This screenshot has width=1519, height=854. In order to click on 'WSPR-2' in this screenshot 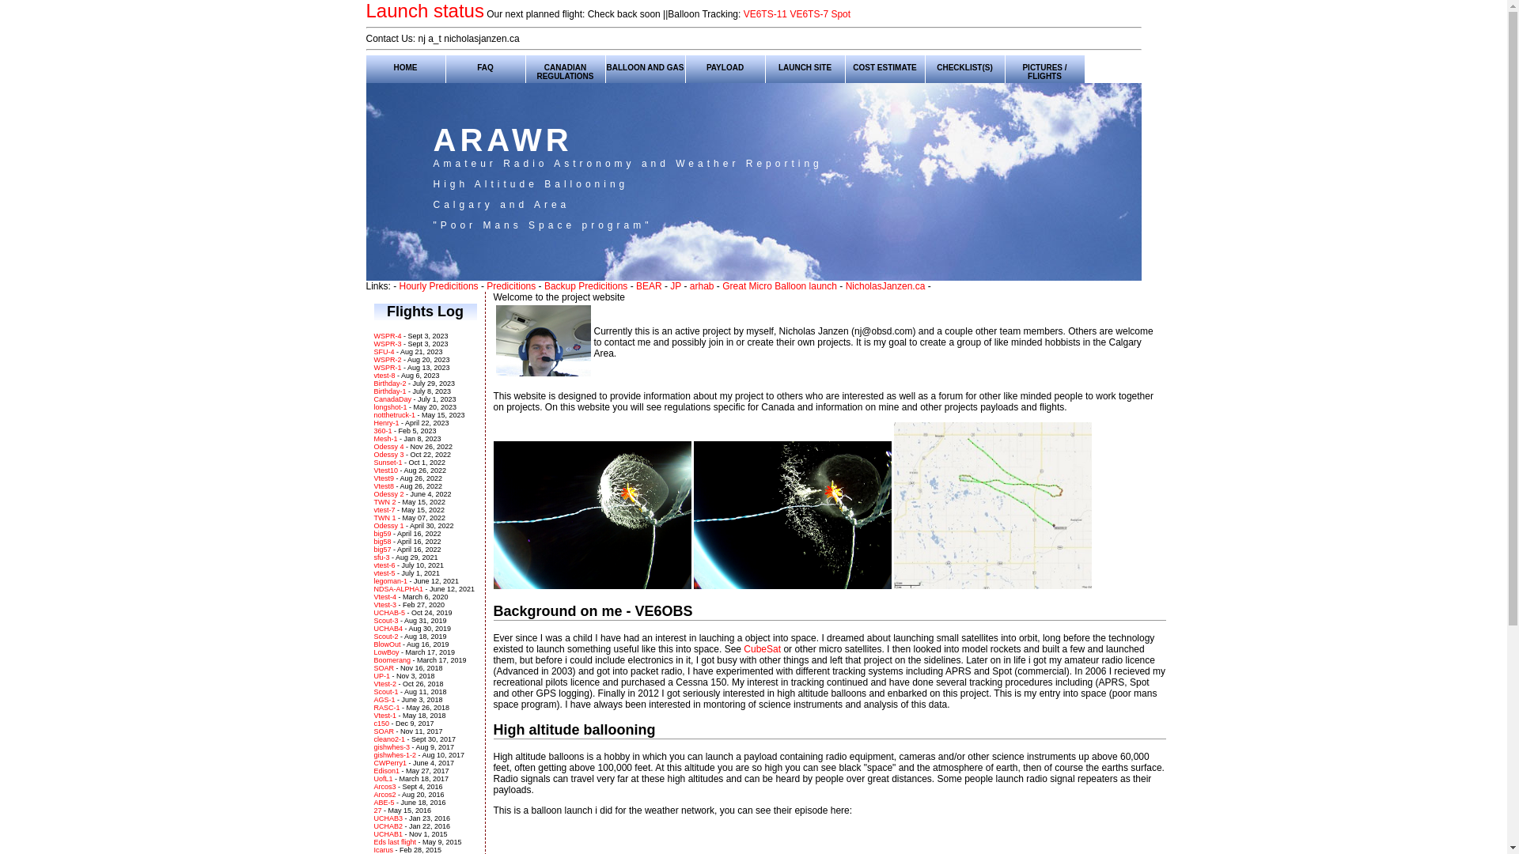, I will do `click(387, 360)`.